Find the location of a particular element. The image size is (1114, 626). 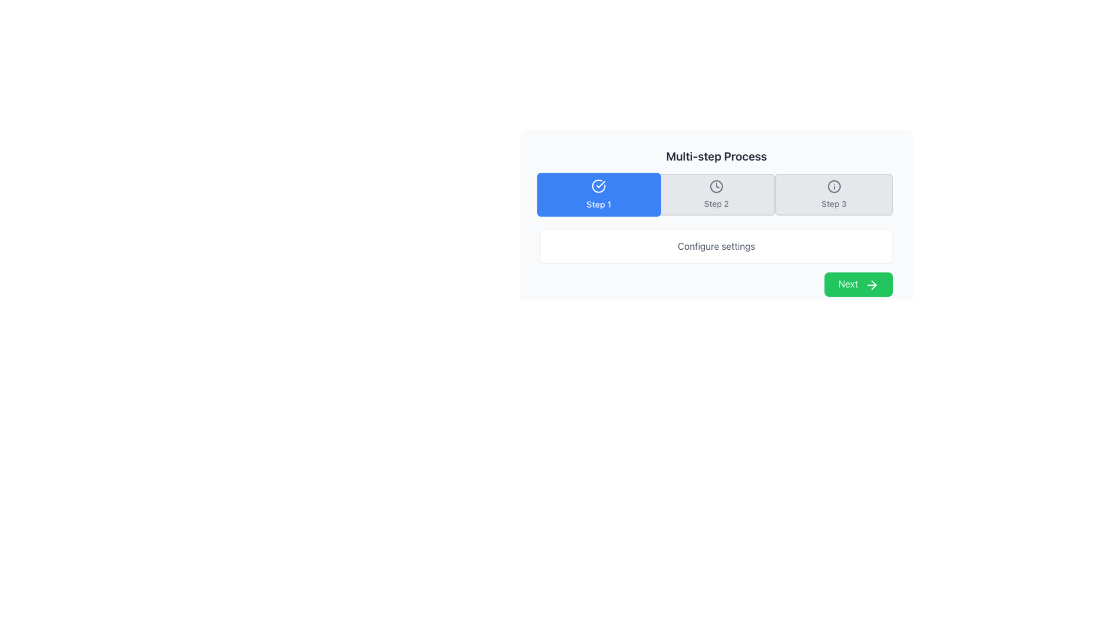

the decorative icon that signifies time or scheduling, located at the center of the 'Step 2' button in the 'Multi-step Process' section is located at coordinates (715, 185).